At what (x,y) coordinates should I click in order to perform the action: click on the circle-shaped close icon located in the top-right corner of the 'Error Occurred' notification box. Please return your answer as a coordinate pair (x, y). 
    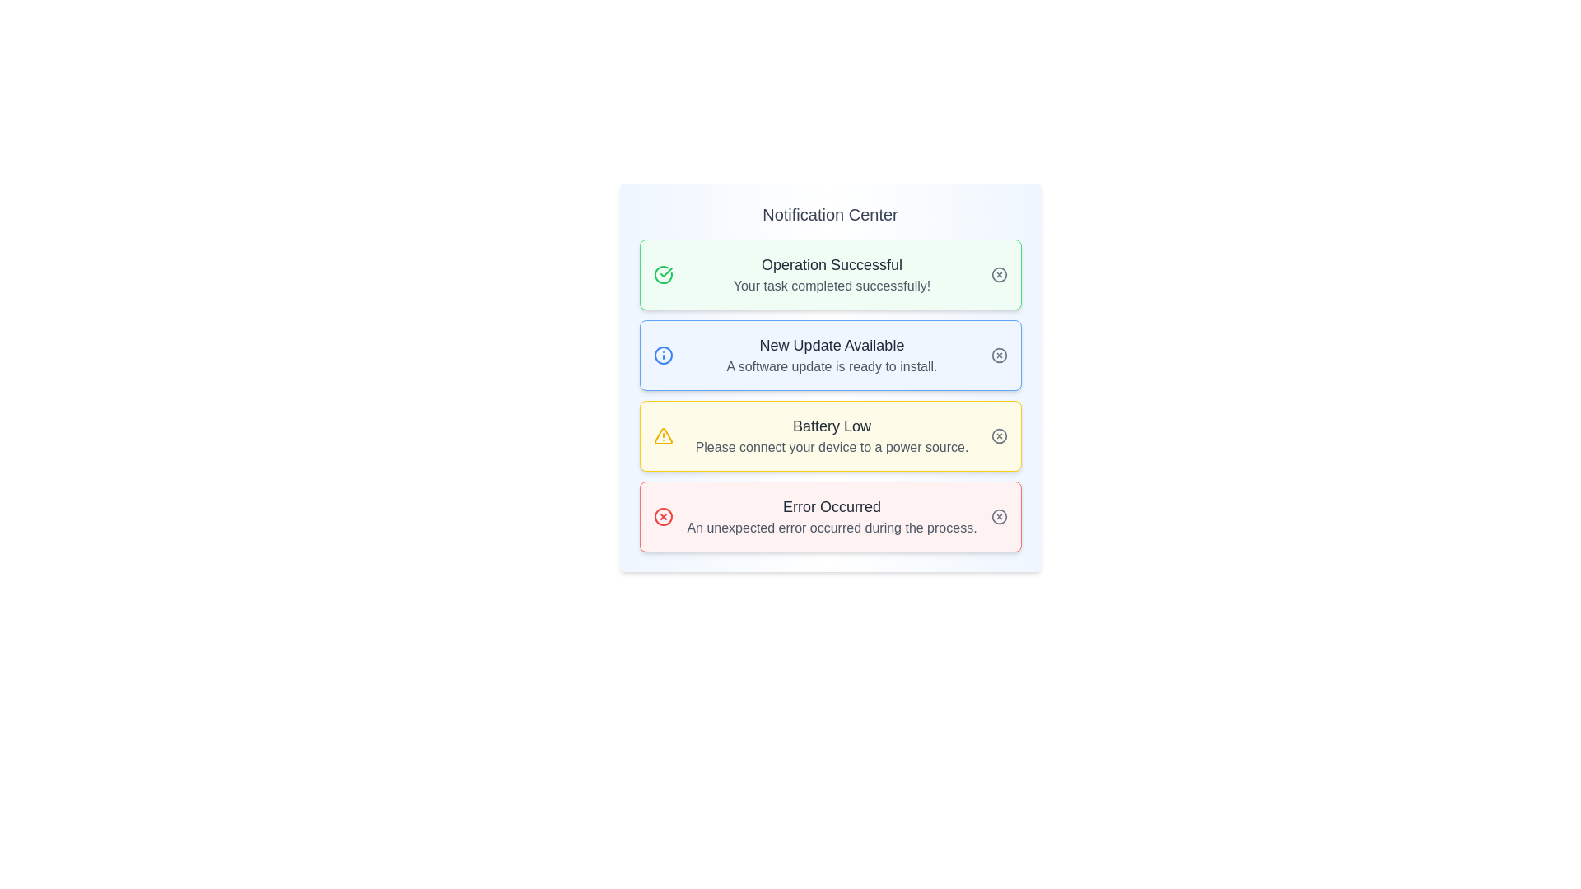
    Looking at the image, I should click on (998, 516).